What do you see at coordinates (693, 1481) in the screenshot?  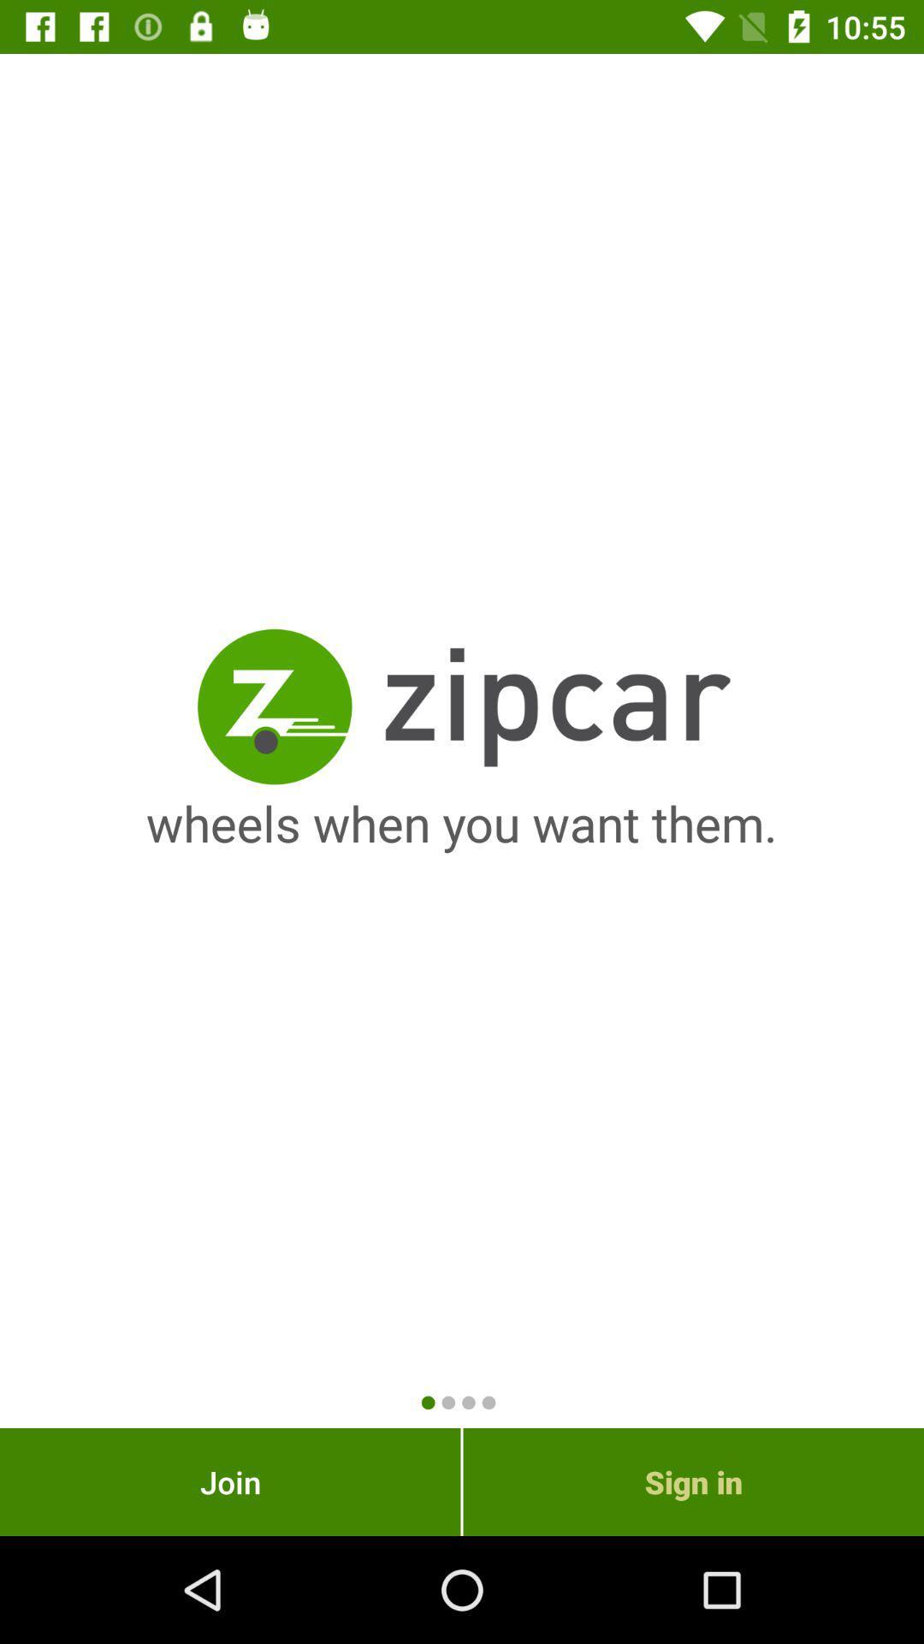 I see `item next to the join` at bounding box center [693, 1481].